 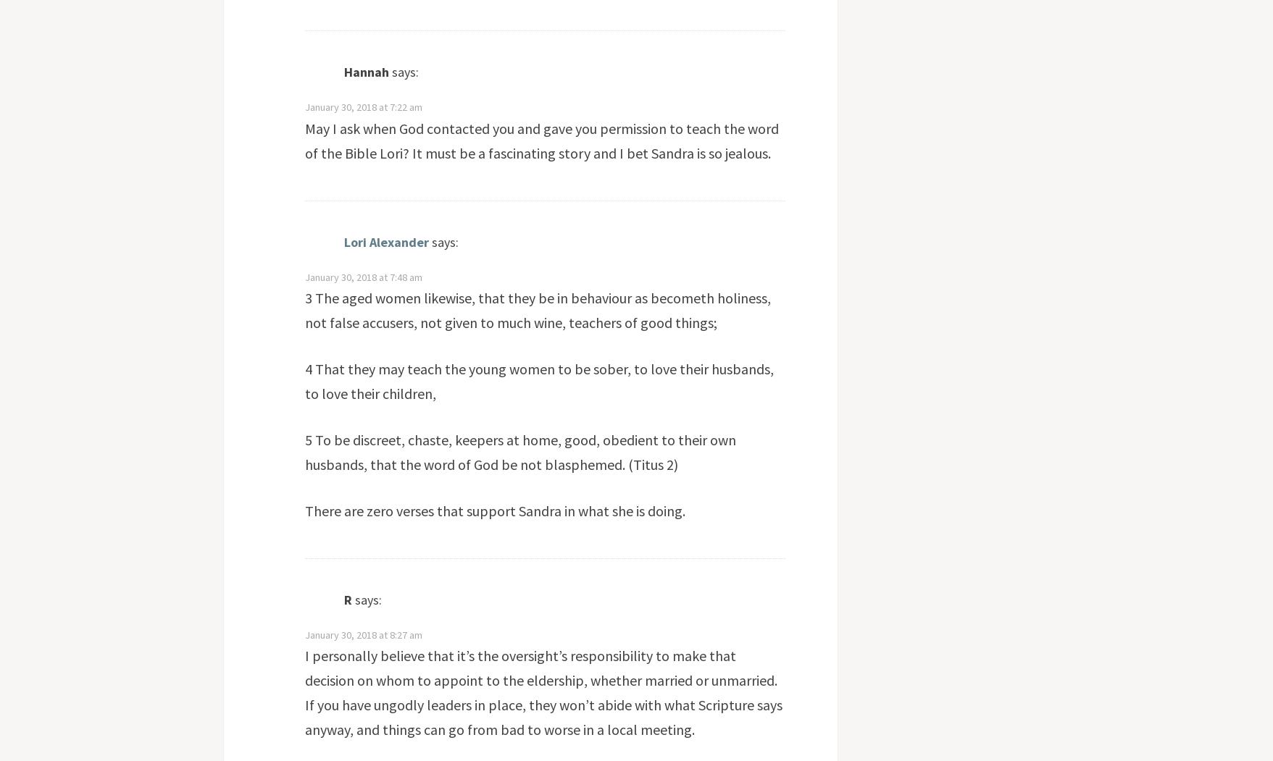 I want to click on 'I  personally believe that it’s the oversight’s responsibility to make that decision on whom to appoint to the eldership, whether married or unmarried. If you have ungodly leaders in place, they won’t abide with what Scripture says anyway, and things can go from bad to worse in a local meeting.', so click(x=542, y=691).